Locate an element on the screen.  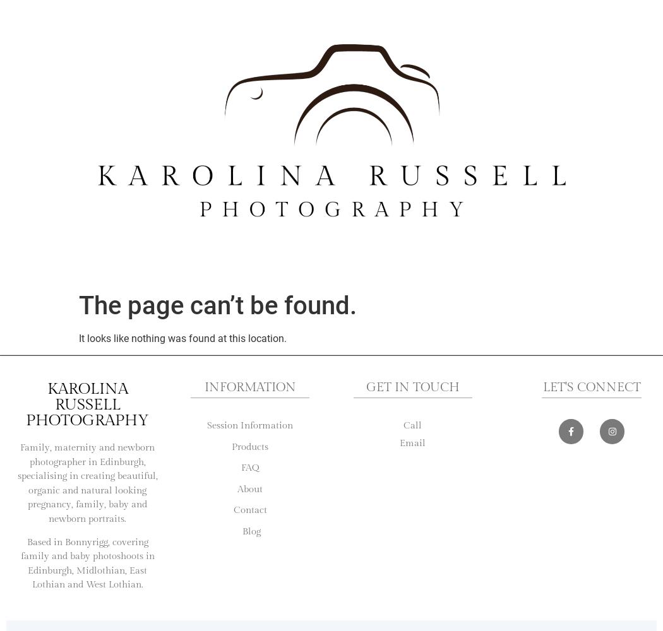
'About' is located at coordinates (249, 488).